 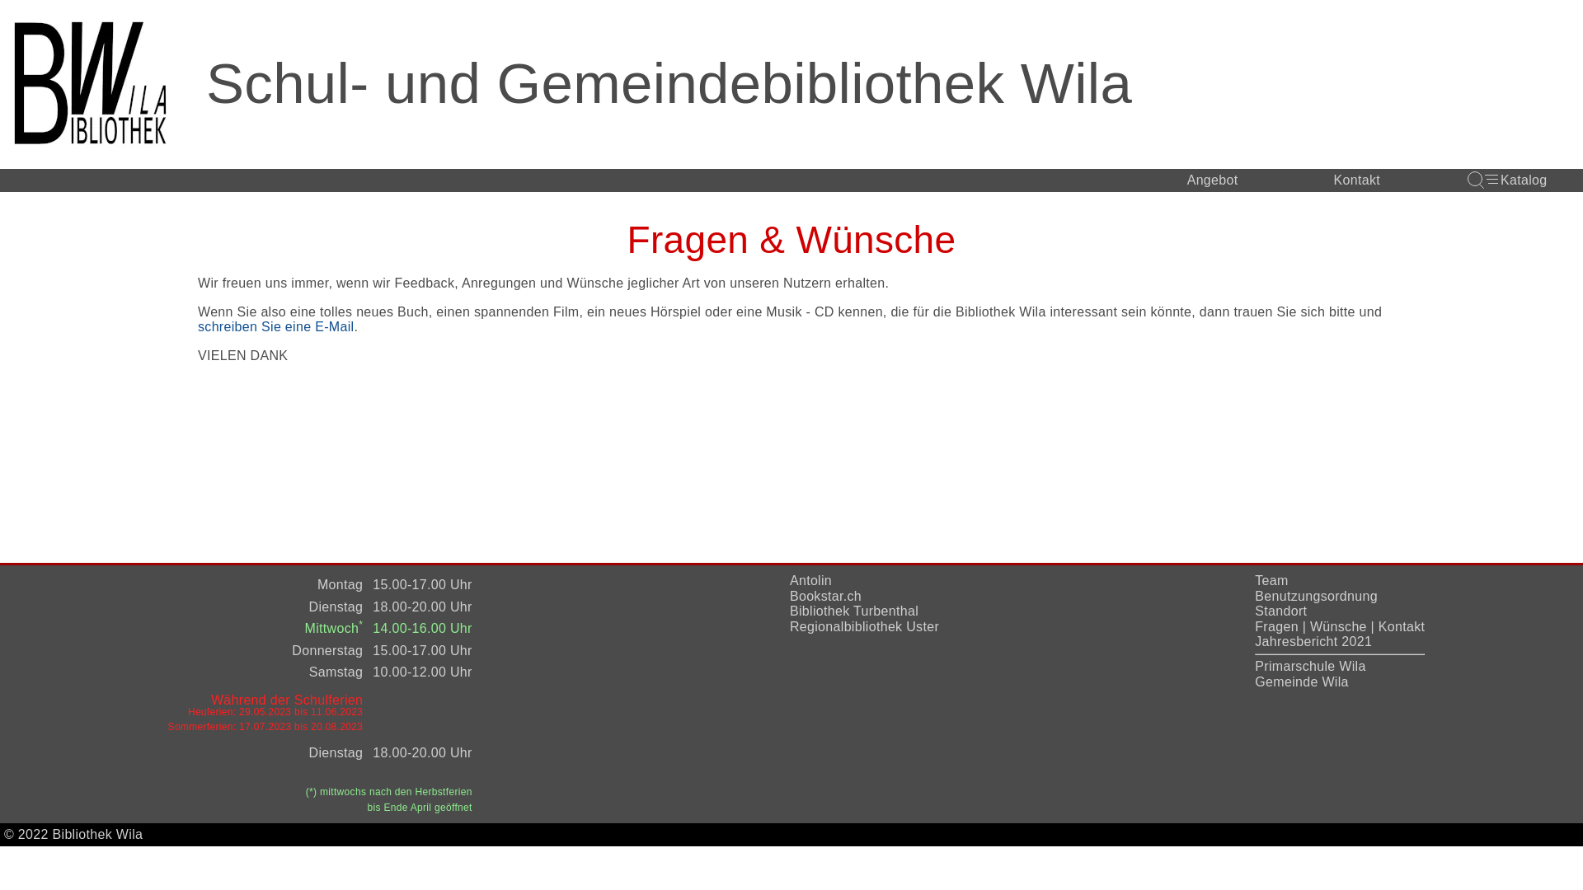 What do you see at coordinates (1270, 579) in the screenshot?
I see `'Team'` at bounding box center [1270, 579].